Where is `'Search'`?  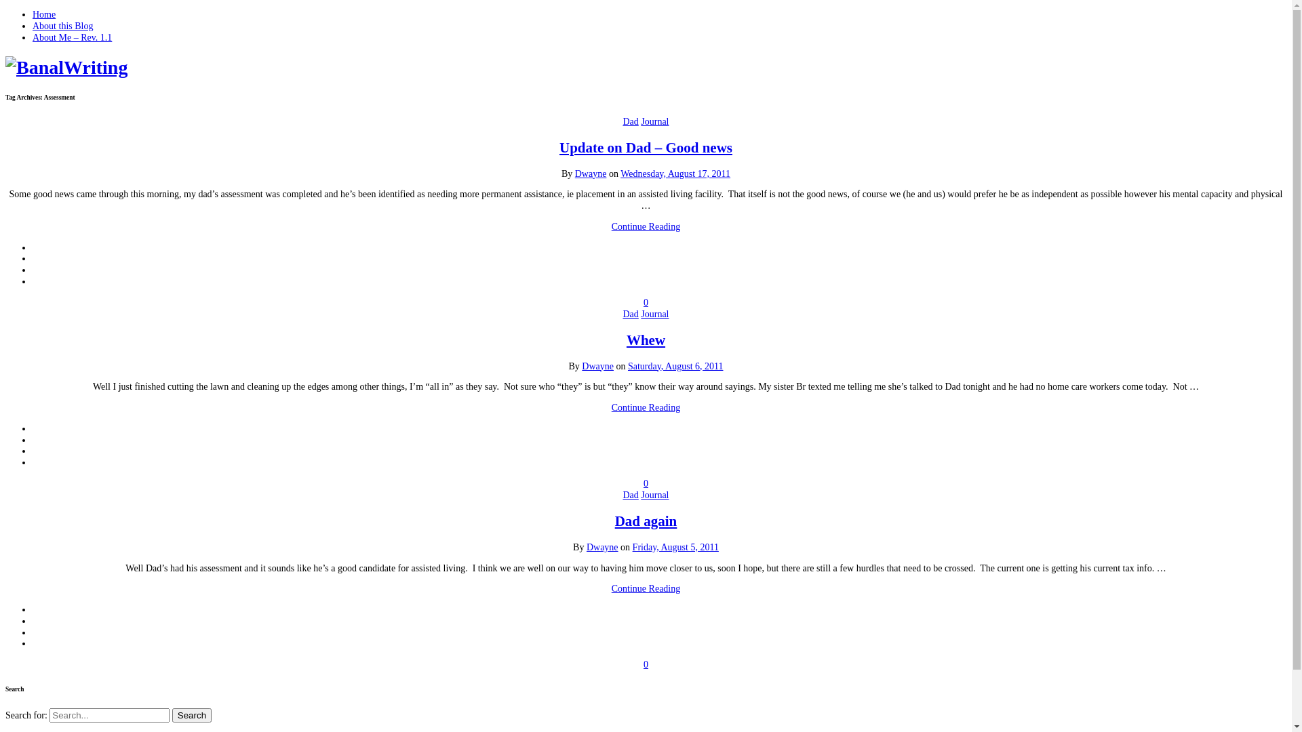
'Search' is located at coordinates (191, 714).